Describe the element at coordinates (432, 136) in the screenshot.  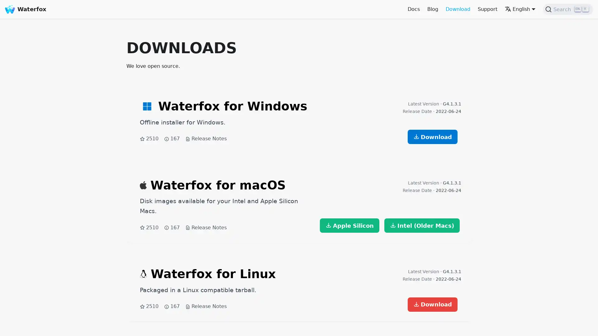
I see `Download` at that location.